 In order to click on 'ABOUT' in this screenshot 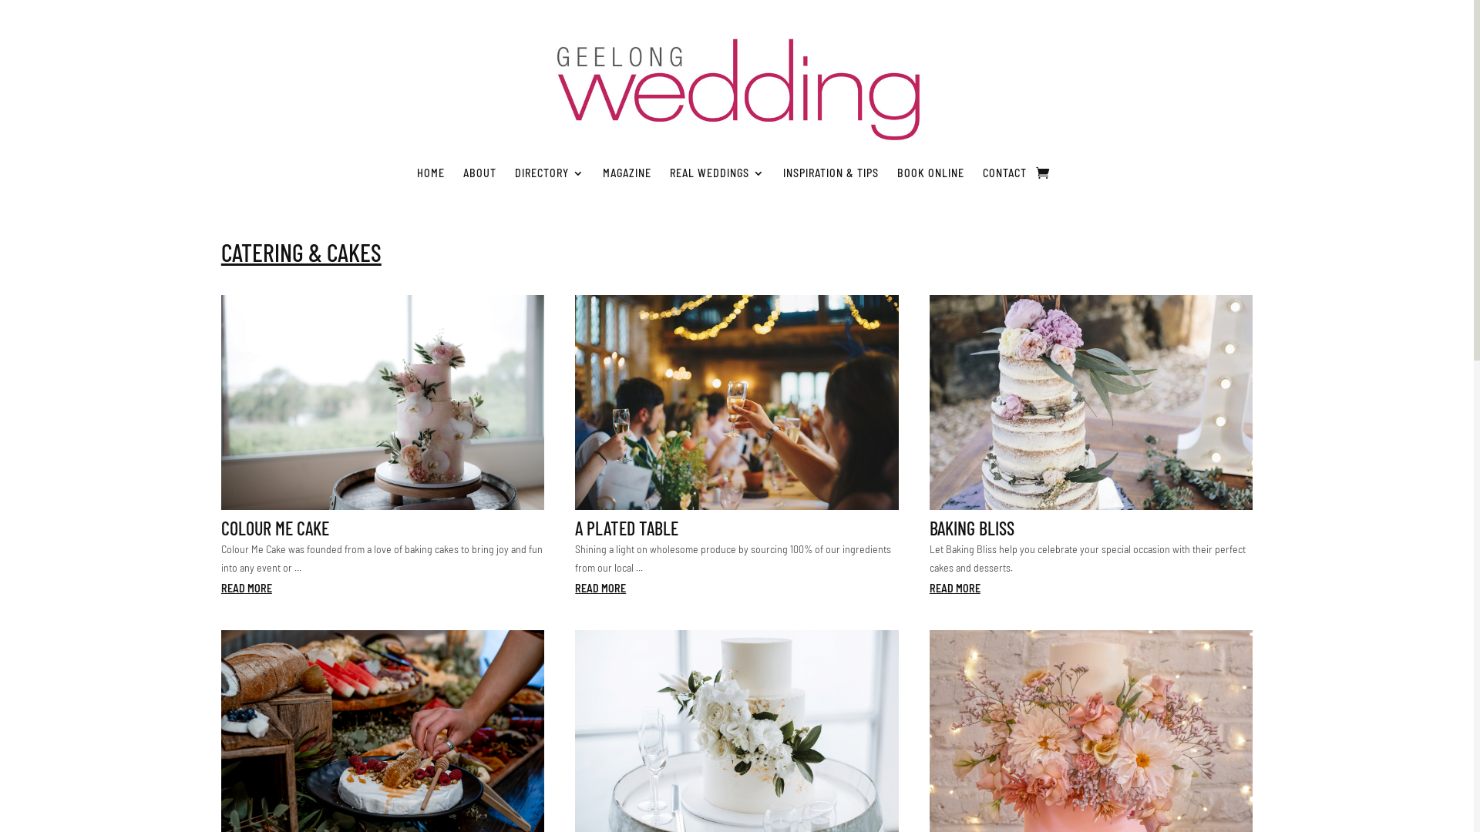, I will do `click(479, 173)`.